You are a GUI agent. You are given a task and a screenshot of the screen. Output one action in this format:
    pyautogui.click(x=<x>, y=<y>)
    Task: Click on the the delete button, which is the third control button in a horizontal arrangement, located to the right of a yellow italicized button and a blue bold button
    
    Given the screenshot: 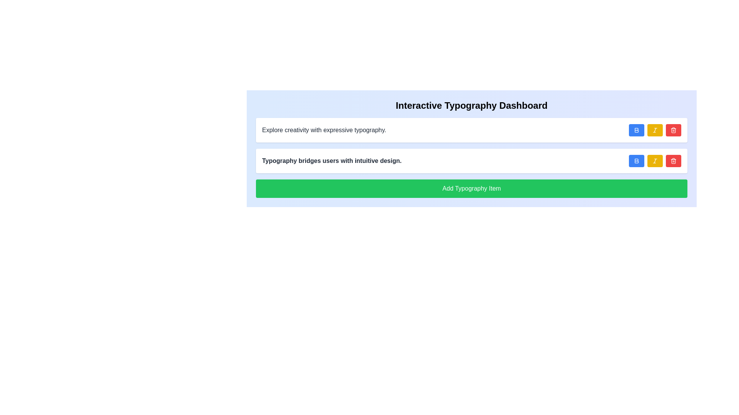 What is the action you would take?
    pyautogui.click(x=673, y=130)
    